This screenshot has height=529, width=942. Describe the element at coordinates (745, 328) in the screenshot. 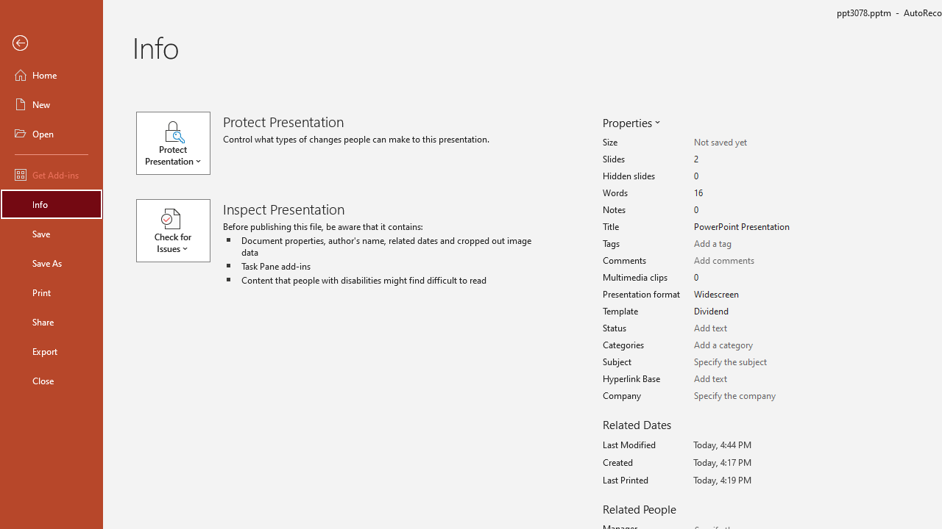

I see `'Status'` at that location.